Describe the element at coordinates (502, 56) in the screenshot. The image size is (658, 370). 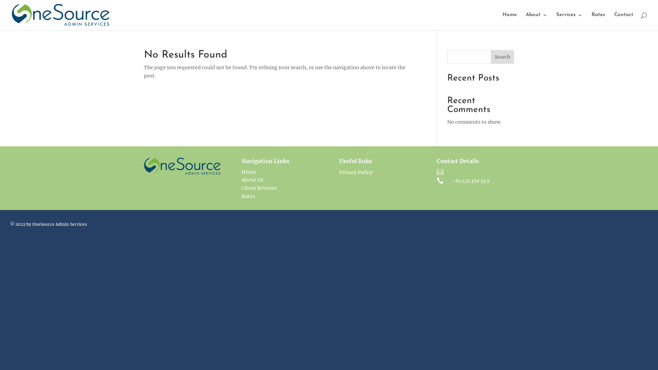
I see `'Search'` at that location.